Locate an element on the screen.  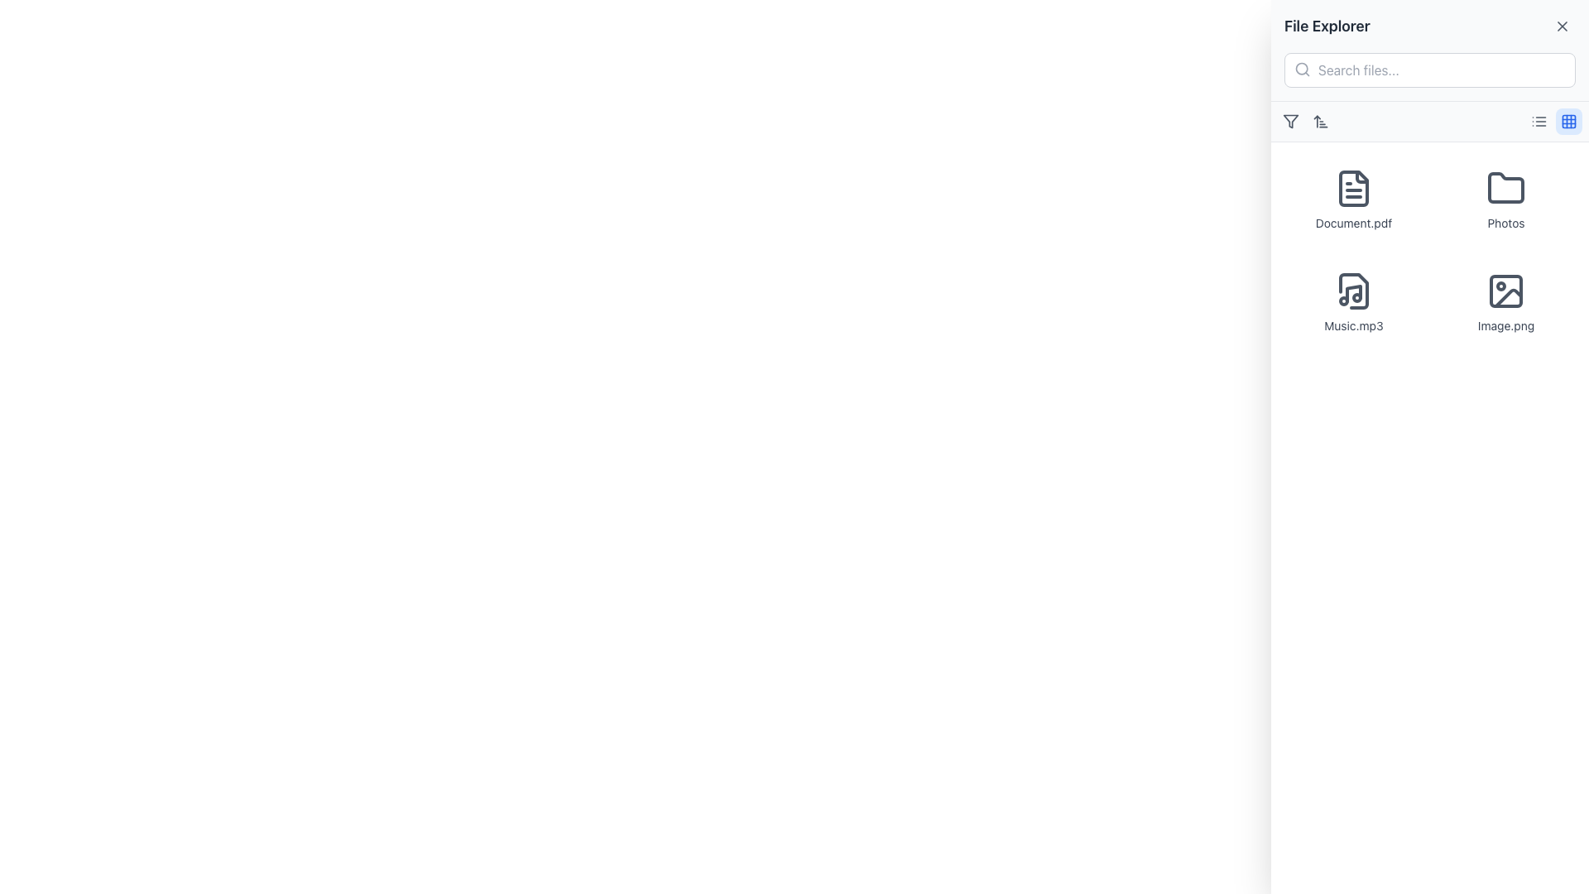
the upward arrow SVG icon in the upper-right menu bar to sort items in ascending order is located at coordinates (1320, 120).